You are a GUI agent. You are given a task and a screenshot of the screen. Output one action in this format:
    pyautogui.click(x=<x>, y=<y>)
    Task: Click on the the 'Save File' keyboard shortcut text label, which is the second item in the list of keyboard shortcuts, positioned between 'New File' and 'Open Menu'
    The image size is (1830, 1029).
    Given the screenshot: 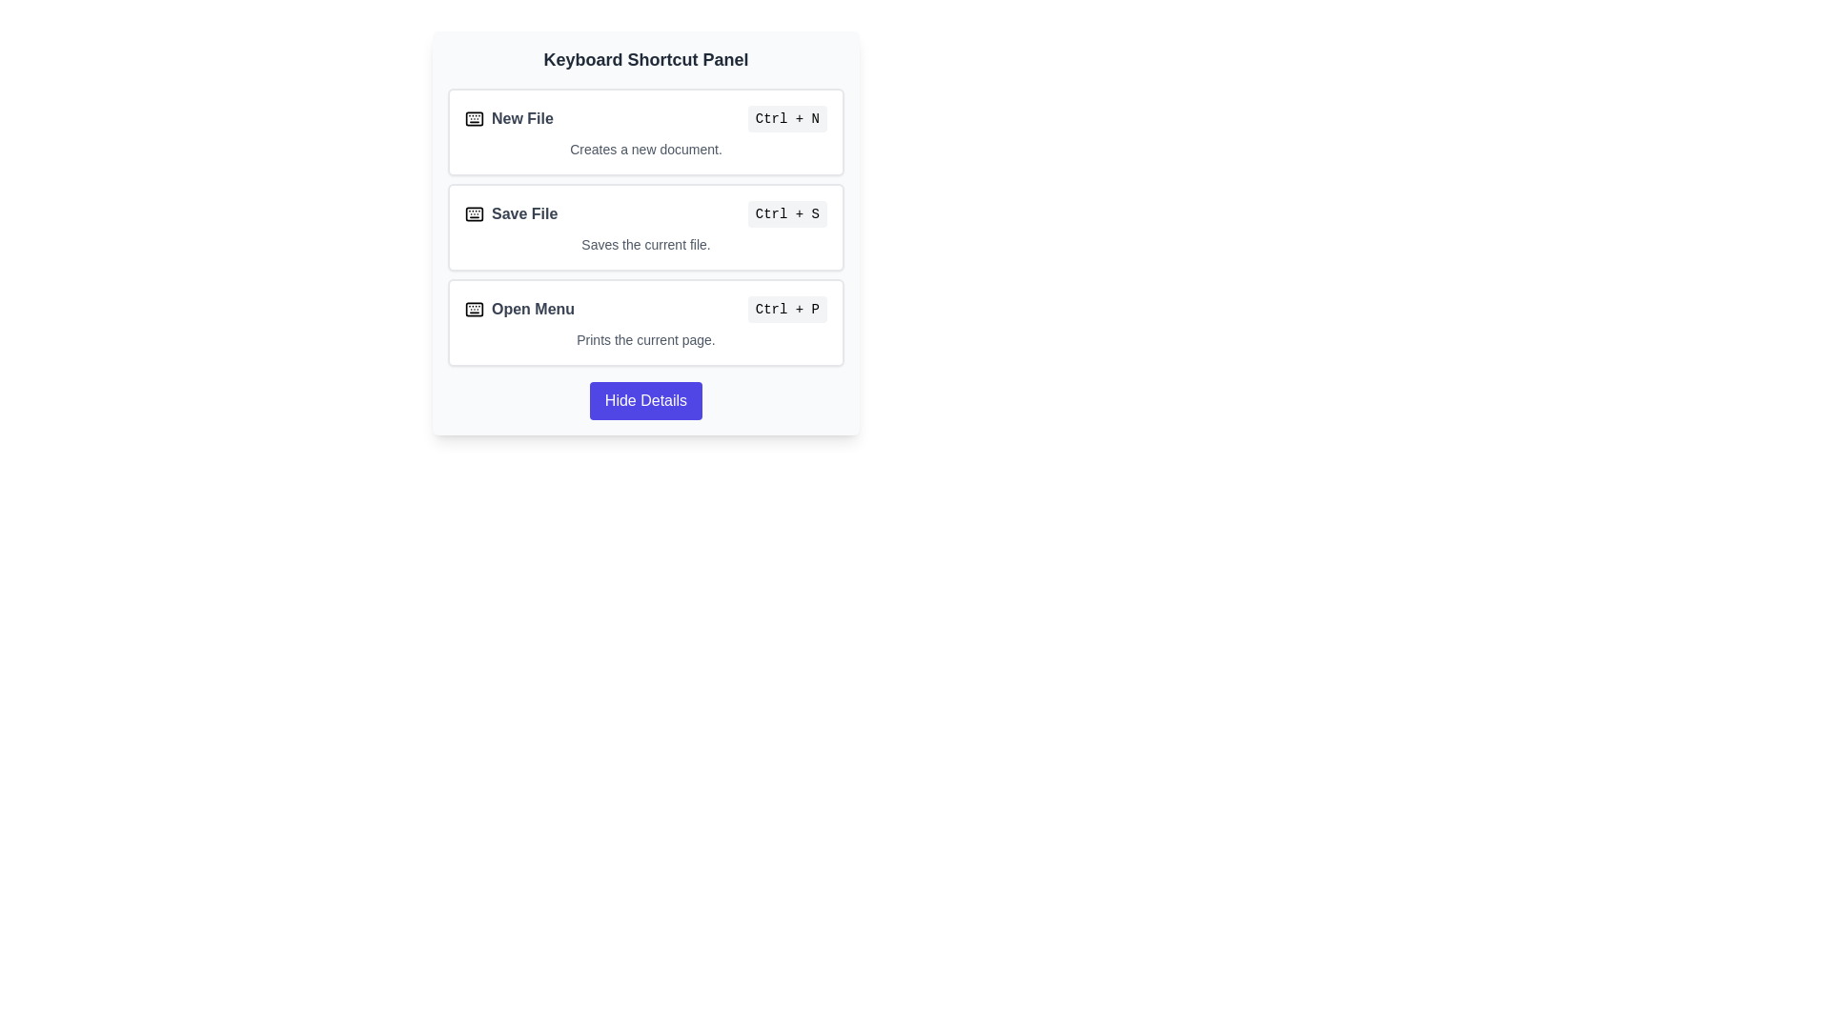 What is the action you would take?
    pyautogui.click(x=524, y=213)
    